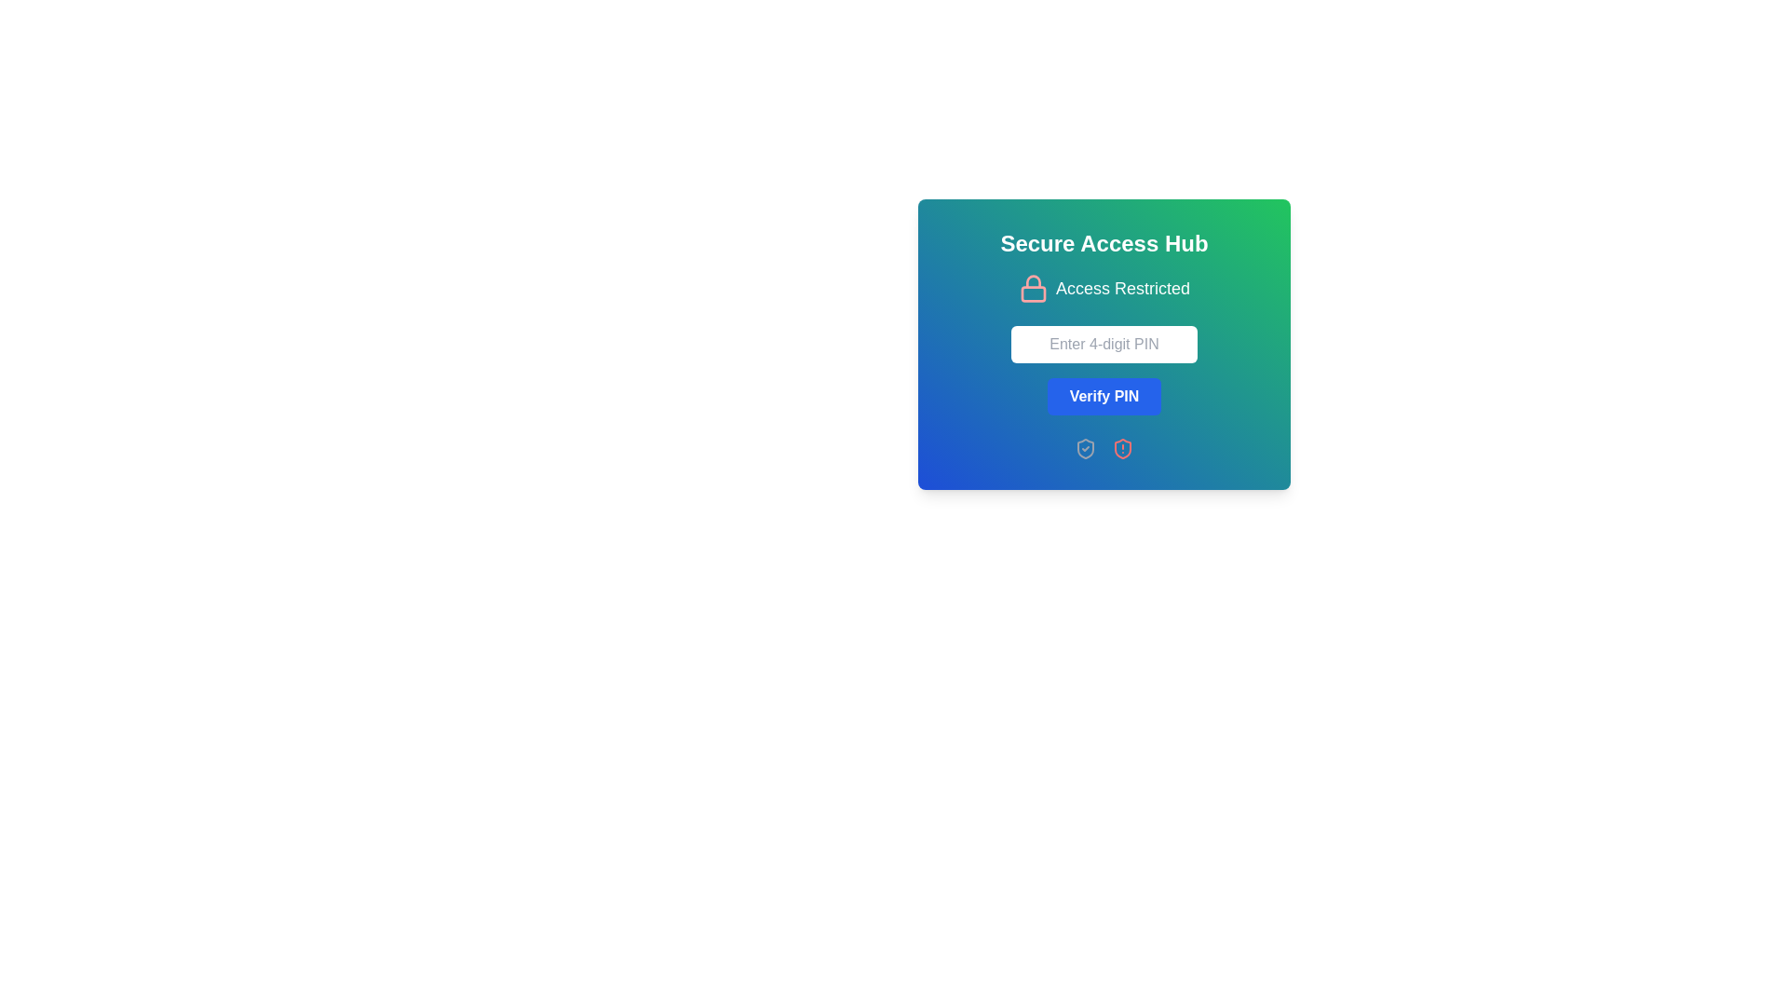  Describe the element at coordinates (1032, 293) in the screenshot. I see `the decorative UI component of the lock icon located under the title 'Secure Access Hub' in the center-top area of the interface` at that location.